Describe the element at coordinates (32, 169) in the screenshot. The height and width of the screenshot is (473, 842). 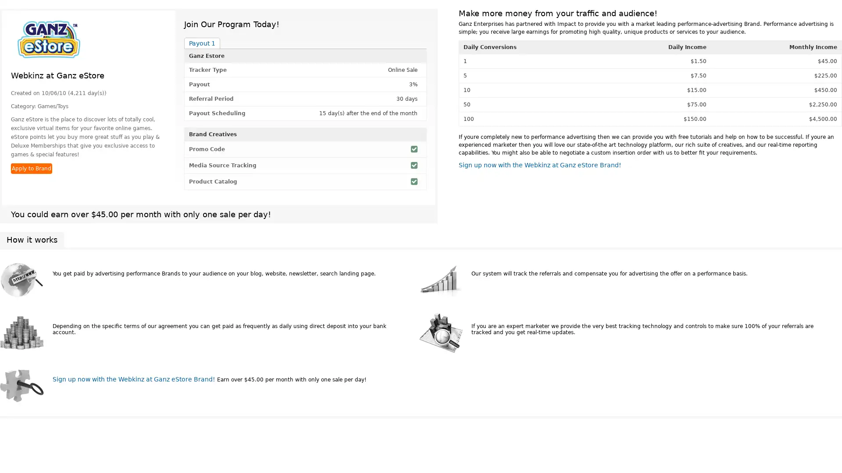
I see `Apply to Brand` at that location.